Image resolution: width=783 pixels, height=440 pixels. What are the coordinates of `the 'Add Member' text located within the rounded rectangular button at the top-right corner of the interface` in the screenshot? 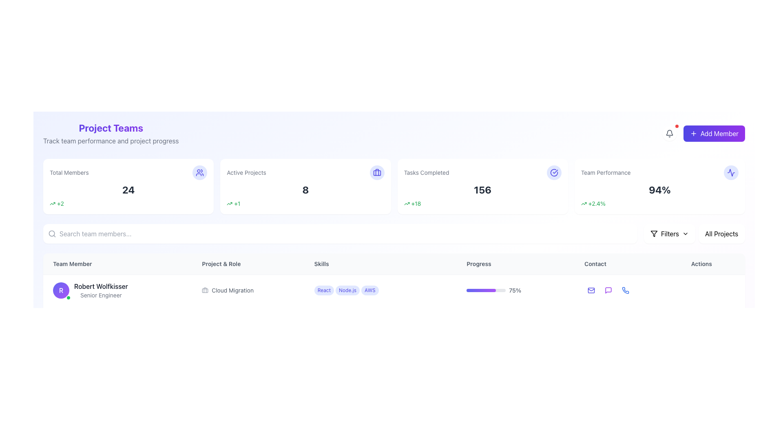 It's located at (719, 133).